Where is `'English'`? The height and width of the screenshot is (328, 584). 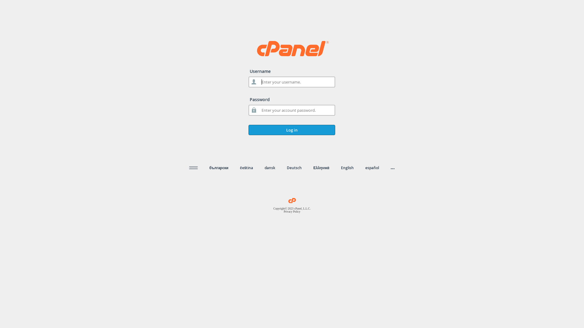
'English' is located at coordinates (347, 168).